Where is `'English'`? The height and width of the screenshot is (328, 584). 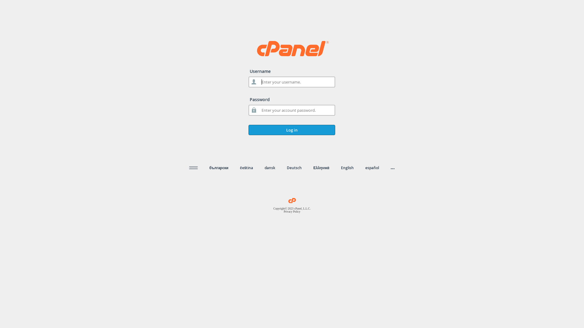
'English' is located at coordinates (347, 168).